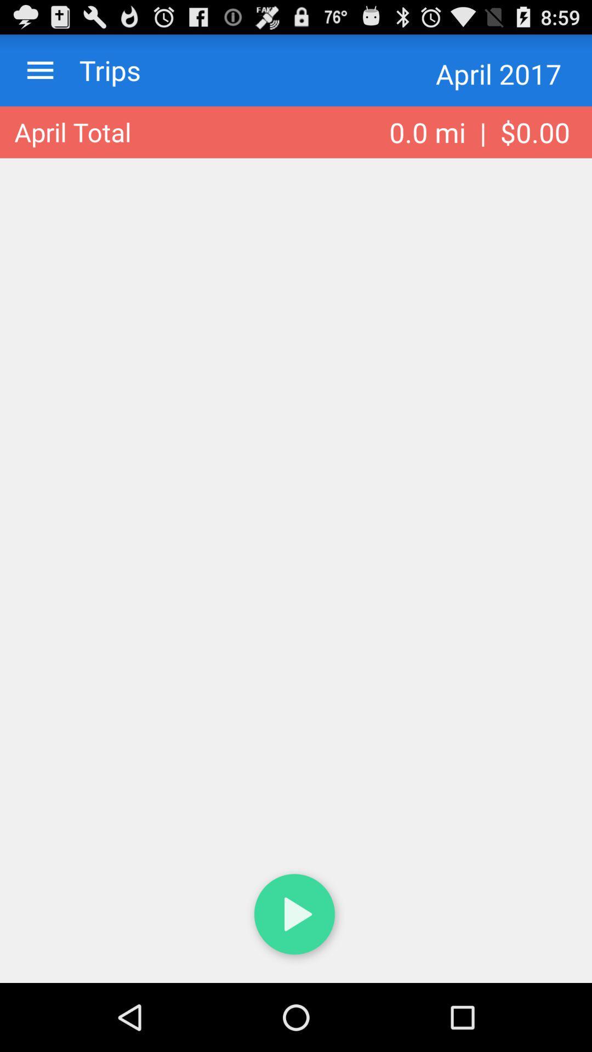 Image resolution: width=592 pixels, height=1052 pixels. I want to click on menu, so click(39, 70).